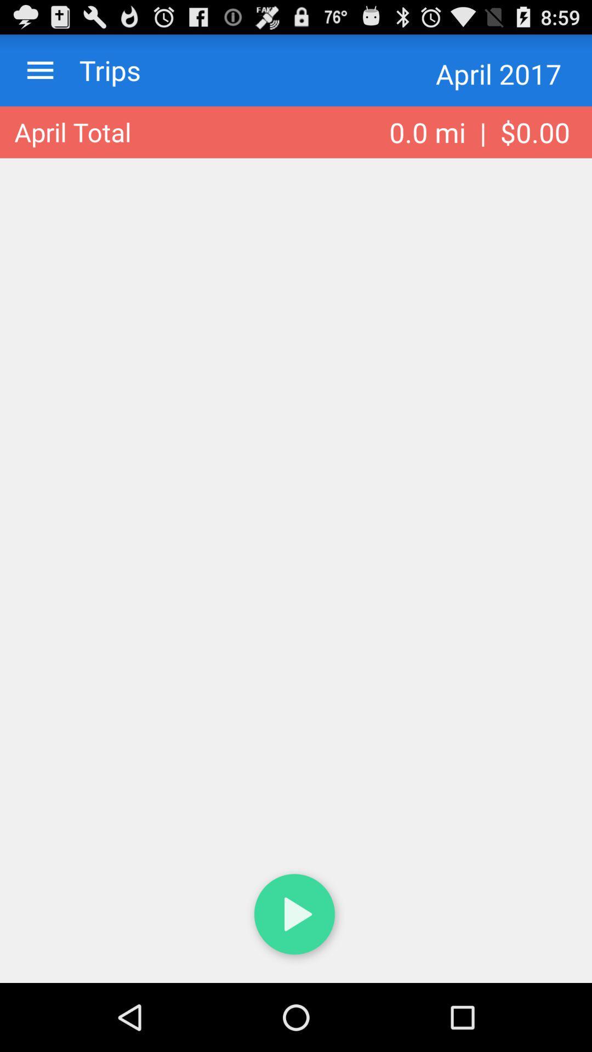 Image resolution: width=592 pixels, height=1052 pixels. I want to click on menu, so click(39, 70).